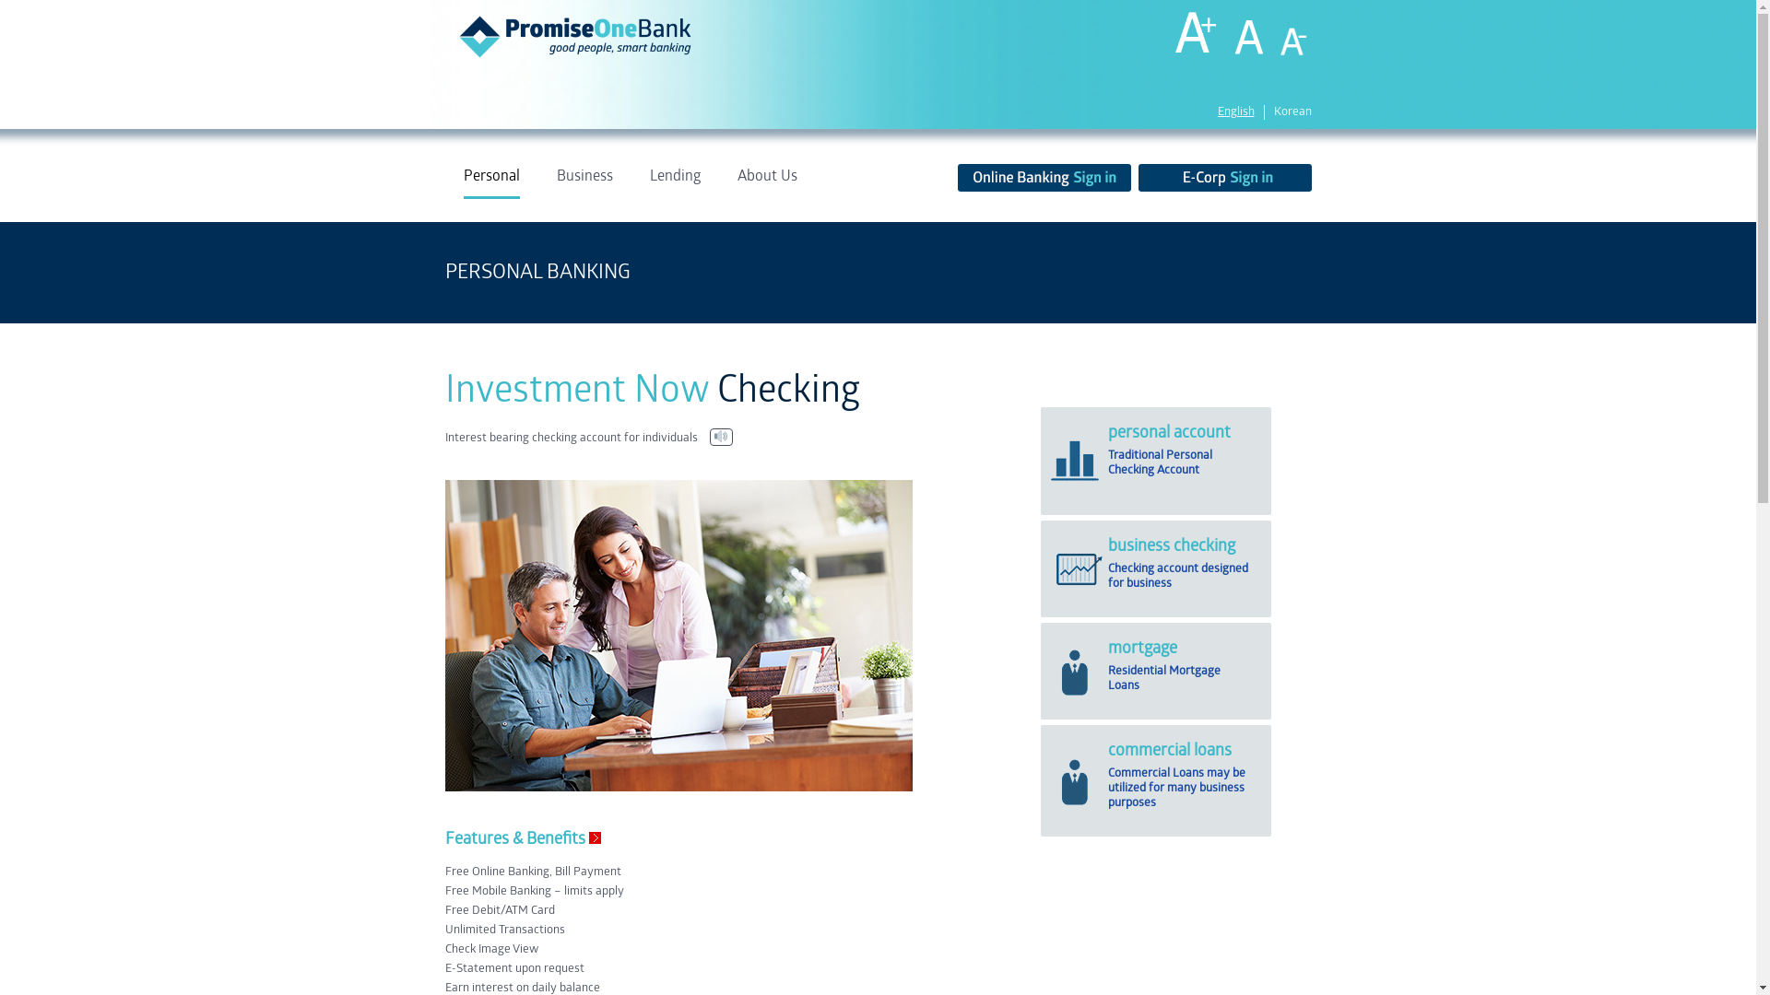 The height and width of the screenshot is (995, 1770). Describe the element at coordinates (1168, 750) in the screenshot. I see `'commercial loans'` at that location.